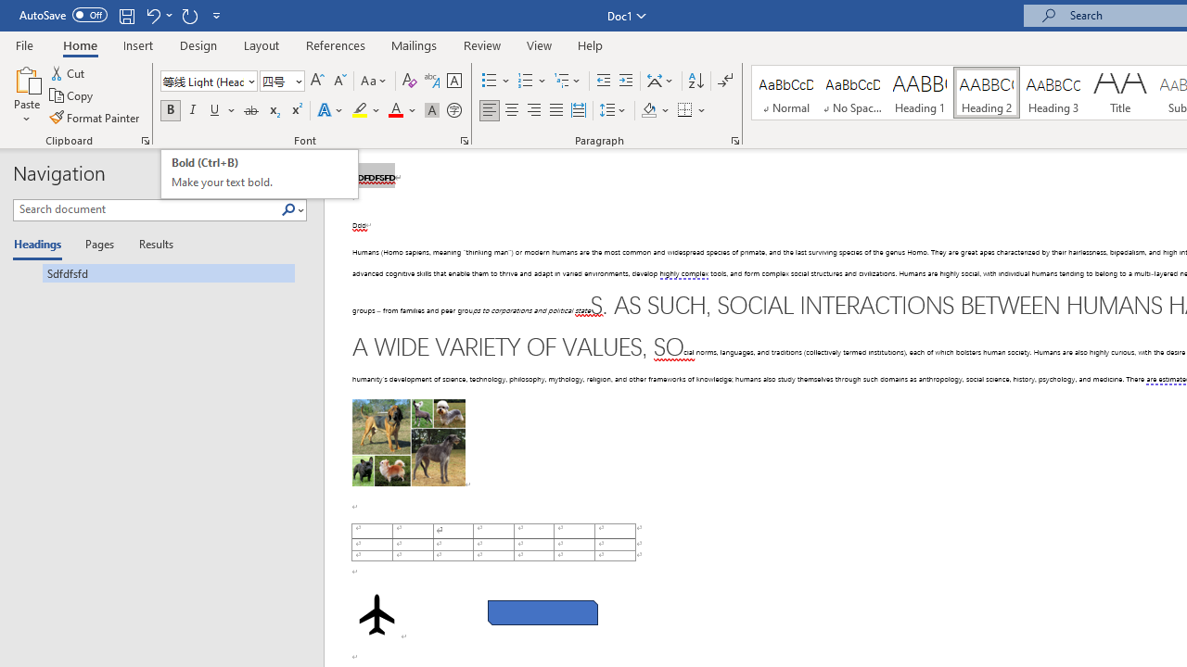 The height and width of the screenshot is (667, 1187). Describe the element at coordinates (407, 443) in the screenshot. I see `'Morphological variation in six dogs'` at that location.